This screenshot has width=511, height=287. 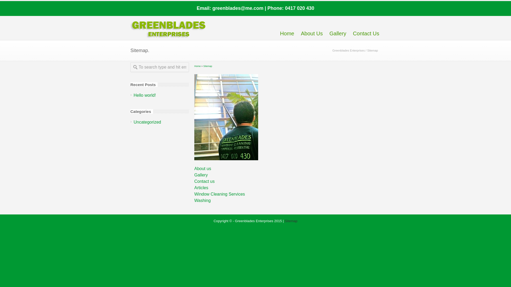 What do you see at coordinates (145, 95) in the screenshot?
I see `'Hello world!'` at bounding box center [145, 95].